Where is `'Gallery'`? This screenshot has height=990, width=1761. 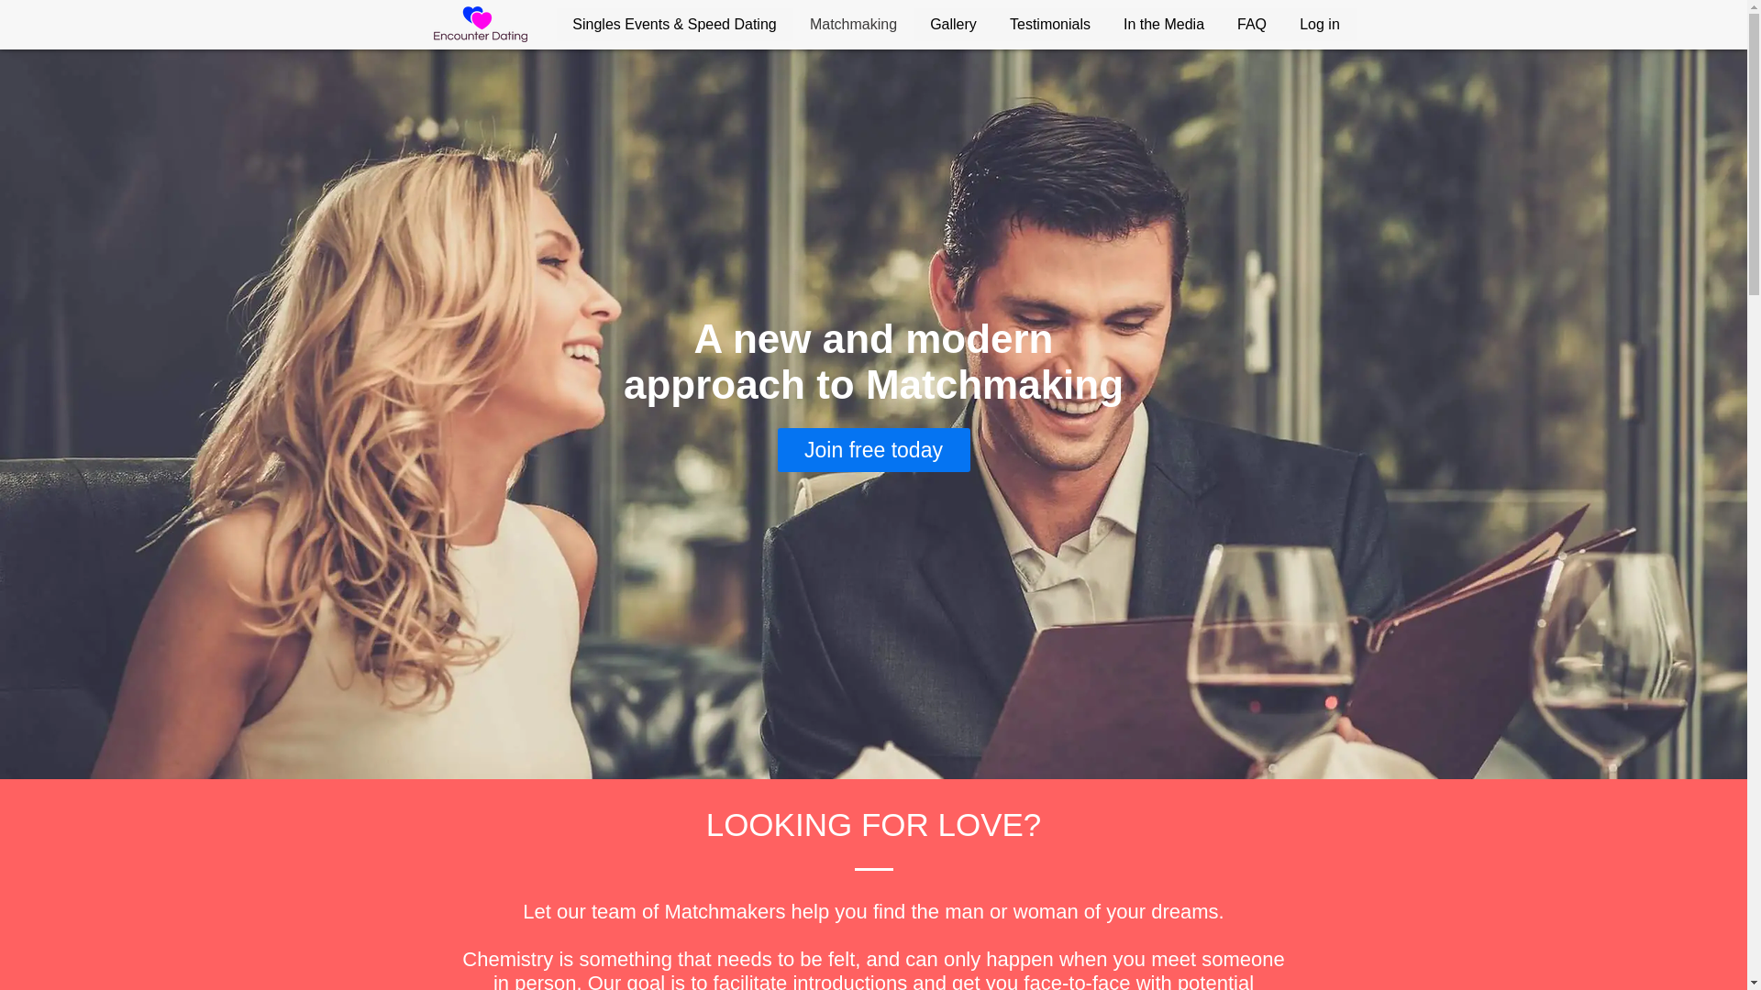
'Gallery' is located at coordinates (914, 25).